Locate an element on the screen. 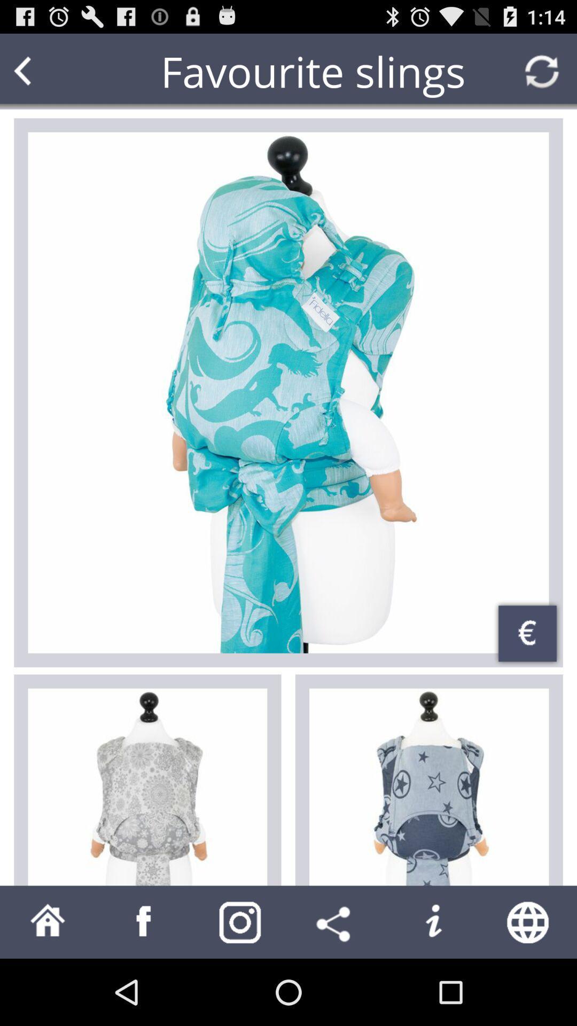  instagram is located at coordinates (240, 921).